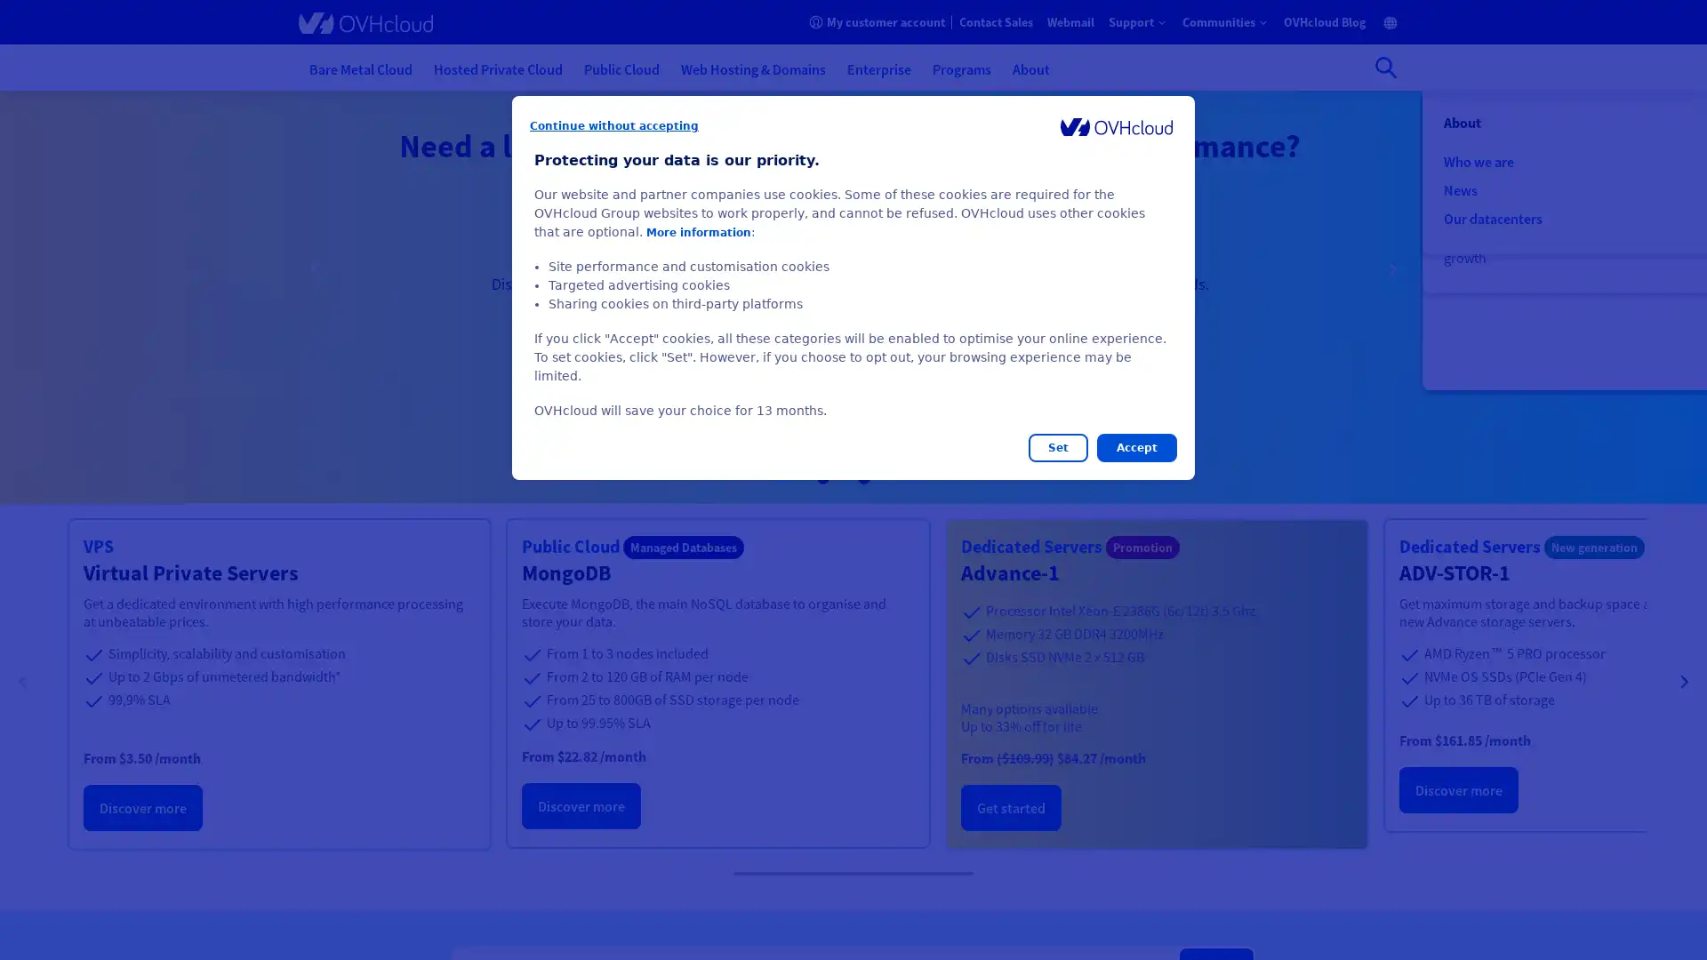 This screenshot has height=960, width=1707. What do you see at coordinates (22, 684) in the screenshot?
I see `Previous` at bounding box center [22, 684].